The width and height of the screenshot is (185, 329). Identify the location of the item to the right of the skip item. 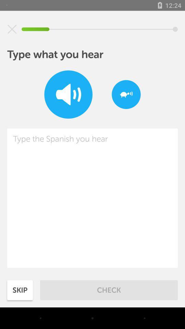
(109, 290).